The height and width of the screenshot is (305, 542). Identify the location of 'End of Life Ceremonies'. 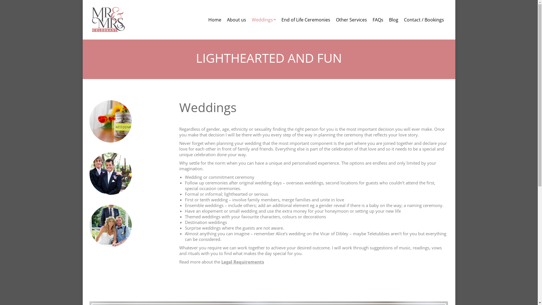
(305, 19).